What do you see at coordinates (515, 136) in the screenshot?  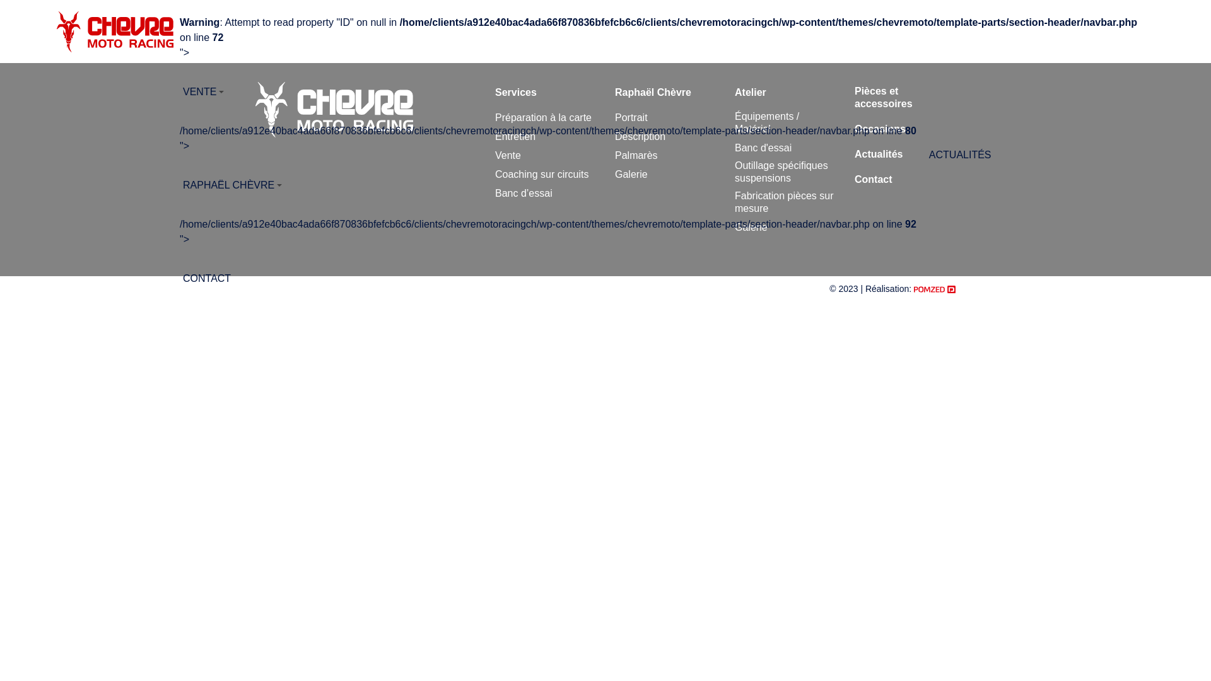 I see `'Entretien'` at bounding box center [515, 136].